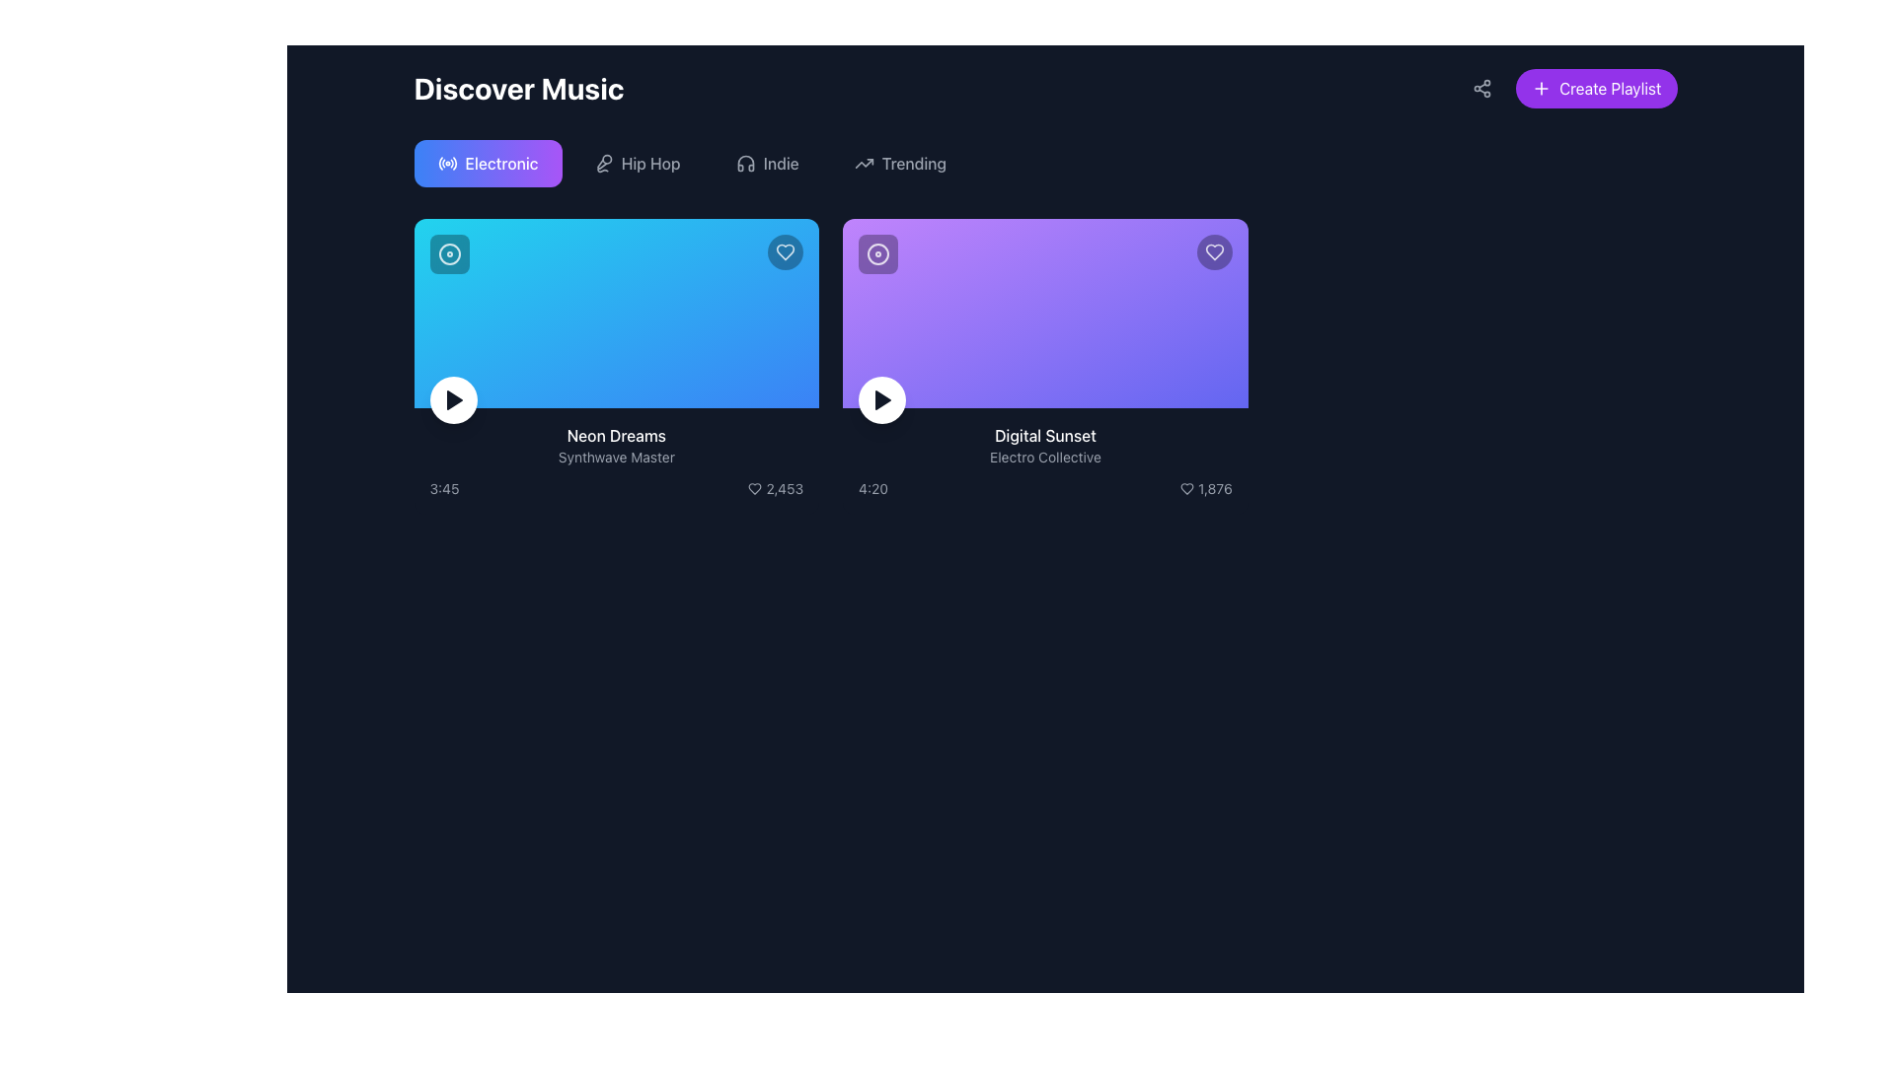  What do you see at coordinates (443, 488) in the screenshot?
I see `the static text label displaying '3:45', which is located below the track's thumbnail and precedes the text '2,453' and a heart icon` at bounding box center [443, 488].